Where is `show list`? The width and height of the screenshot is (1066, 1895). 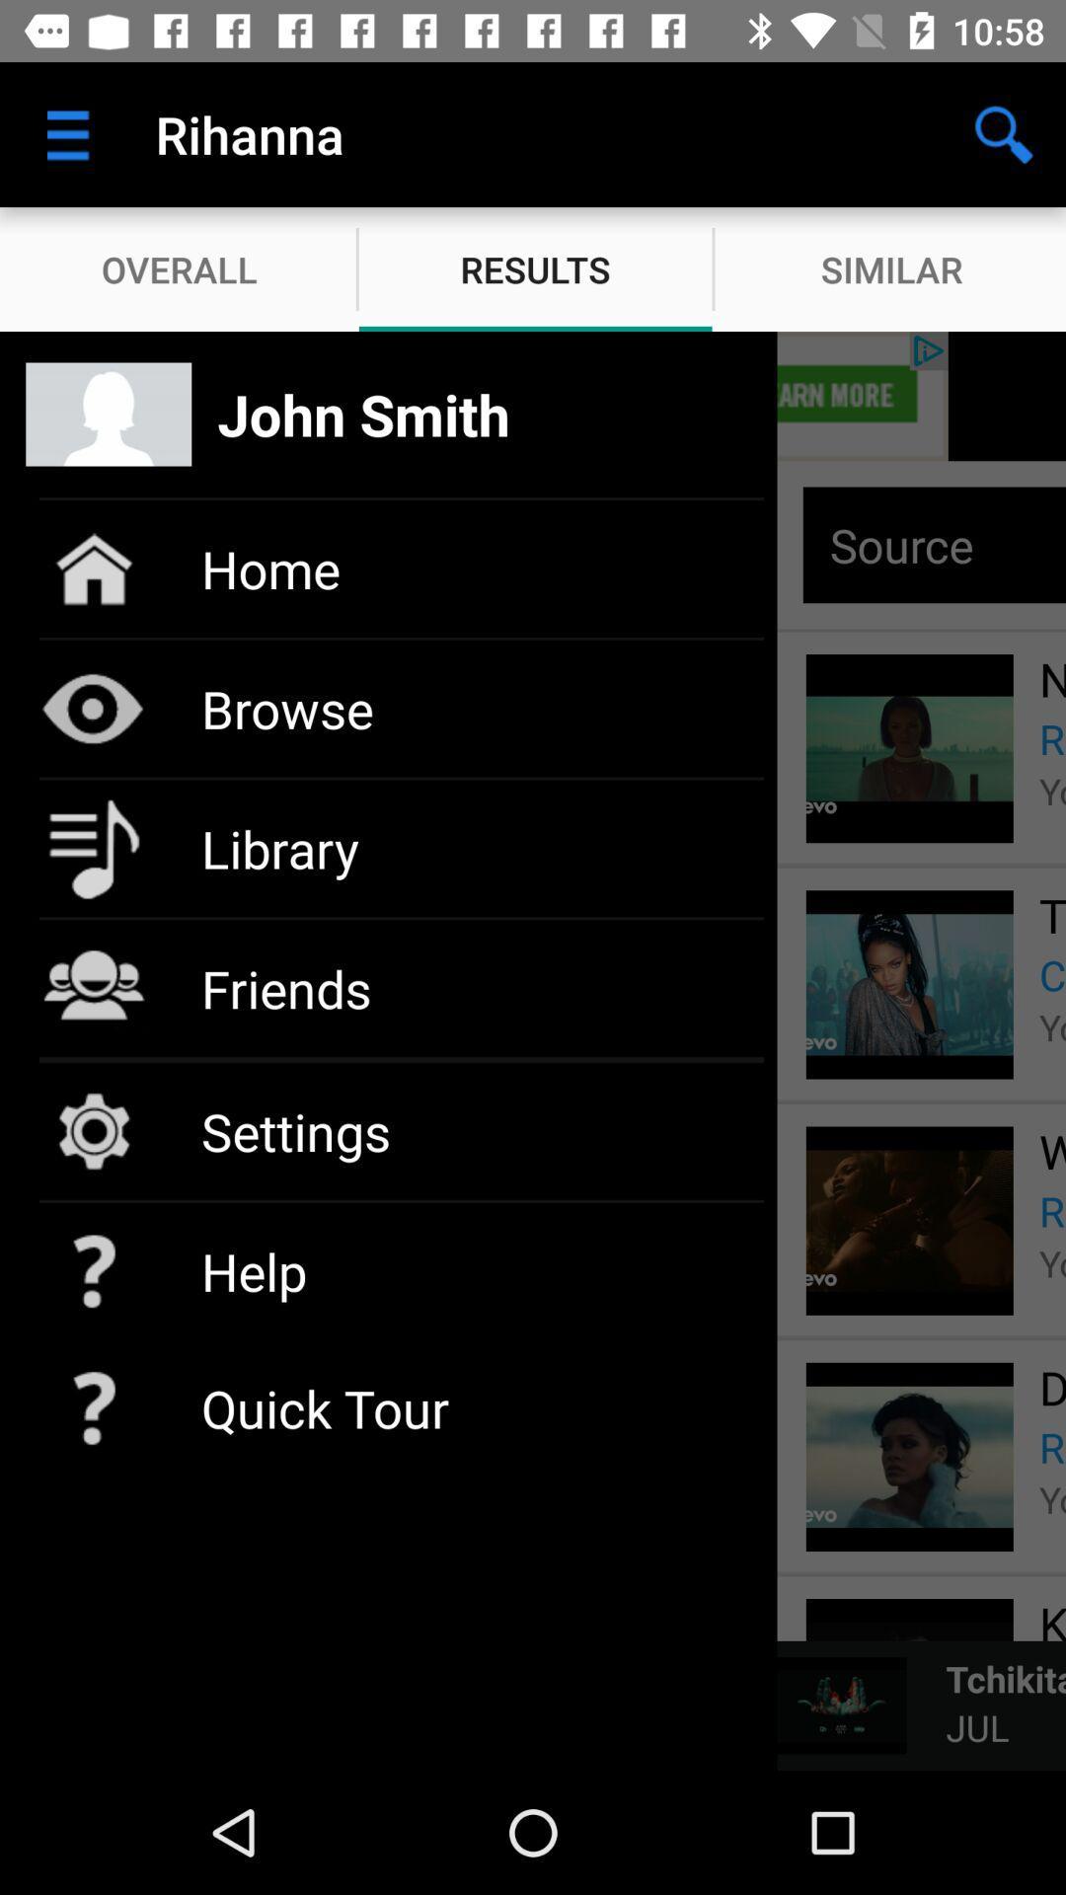 show list is located at coordinates (533, 395).